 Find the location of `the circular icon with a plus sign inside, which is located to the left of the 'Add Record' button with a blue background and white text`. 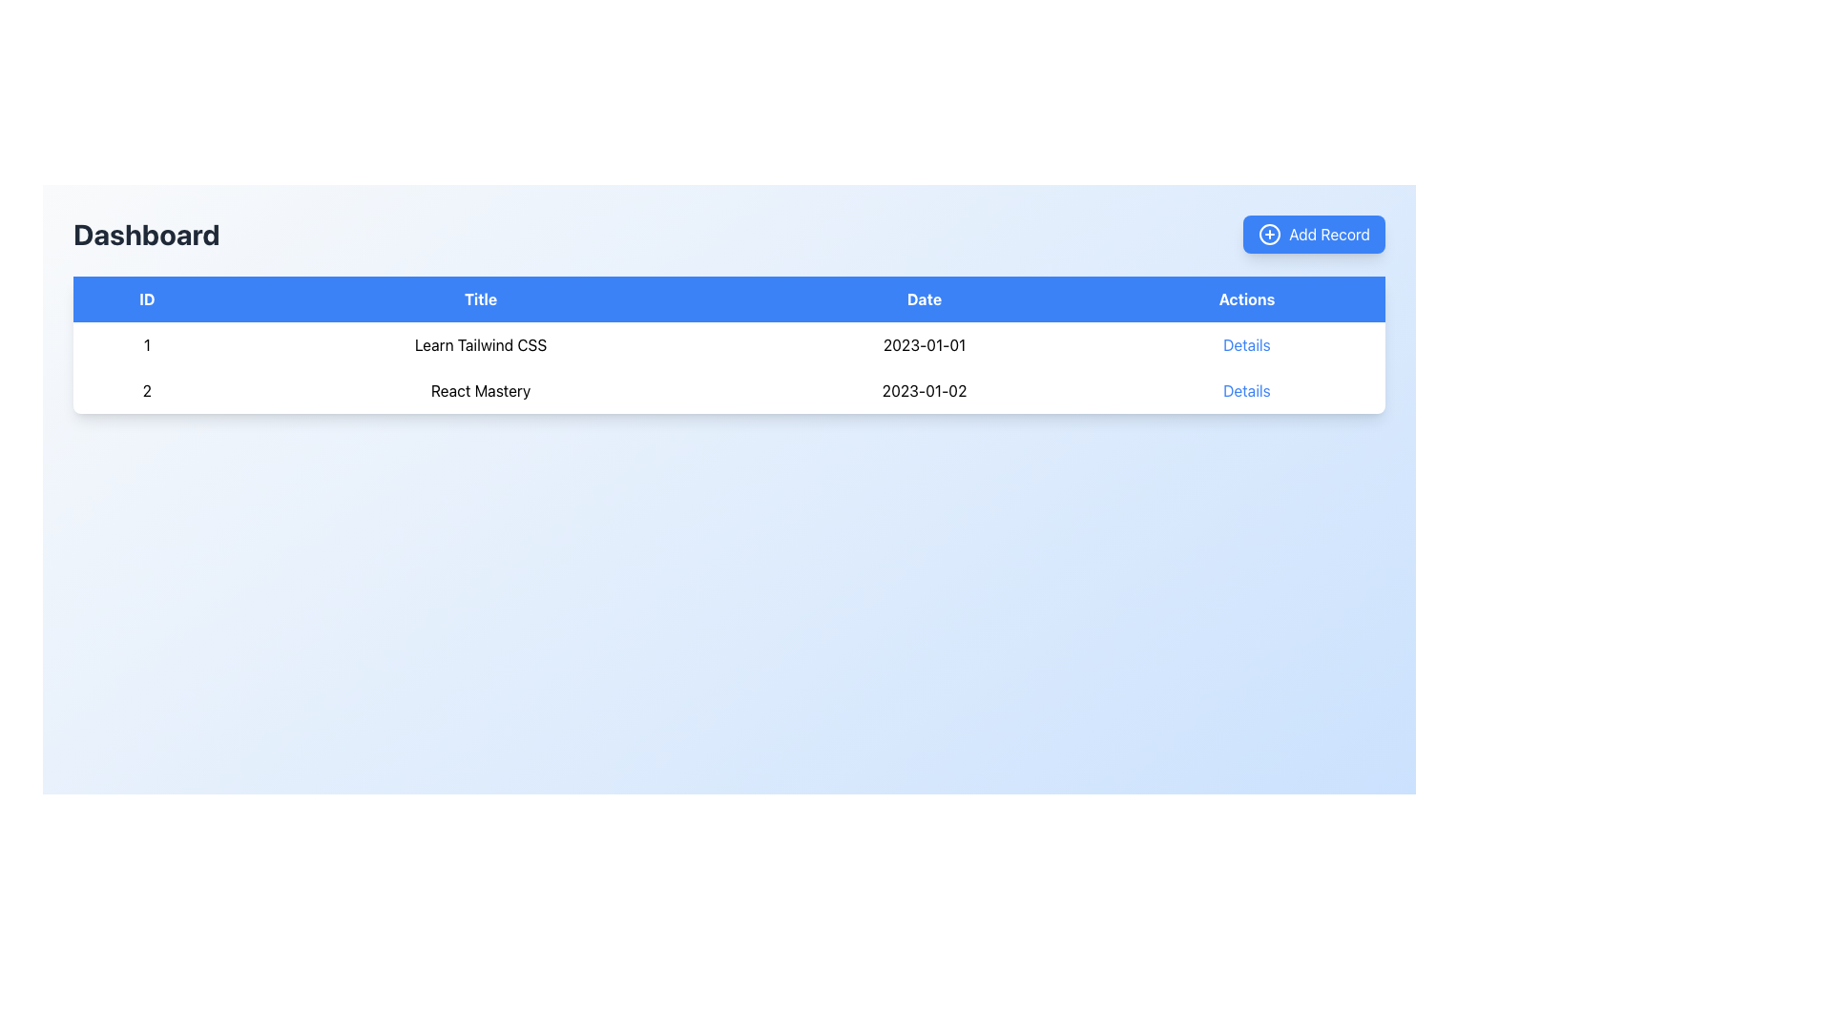

the circular icon with a plus sign inside, which is located to the left of the 'Add Record' button with a blue background and white text is located at coordinates (1270, 234).